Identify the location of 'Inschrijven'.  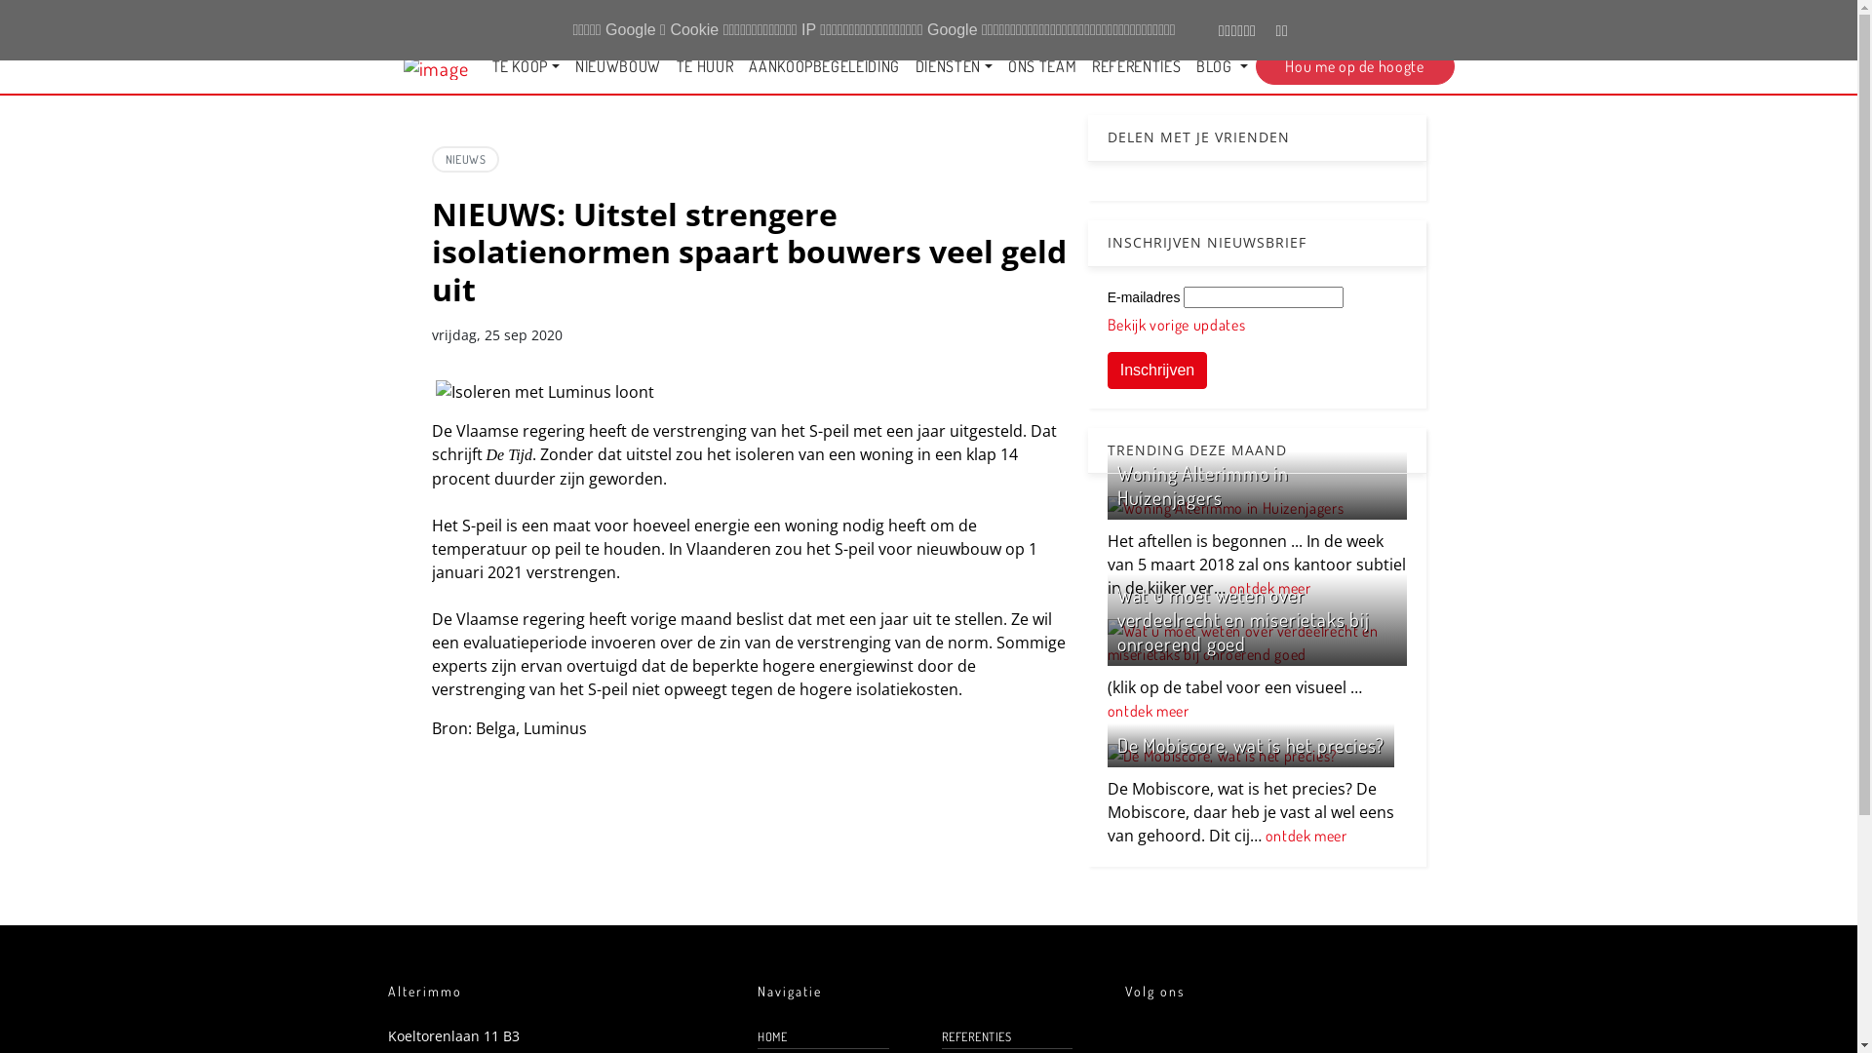
(1156, 370).